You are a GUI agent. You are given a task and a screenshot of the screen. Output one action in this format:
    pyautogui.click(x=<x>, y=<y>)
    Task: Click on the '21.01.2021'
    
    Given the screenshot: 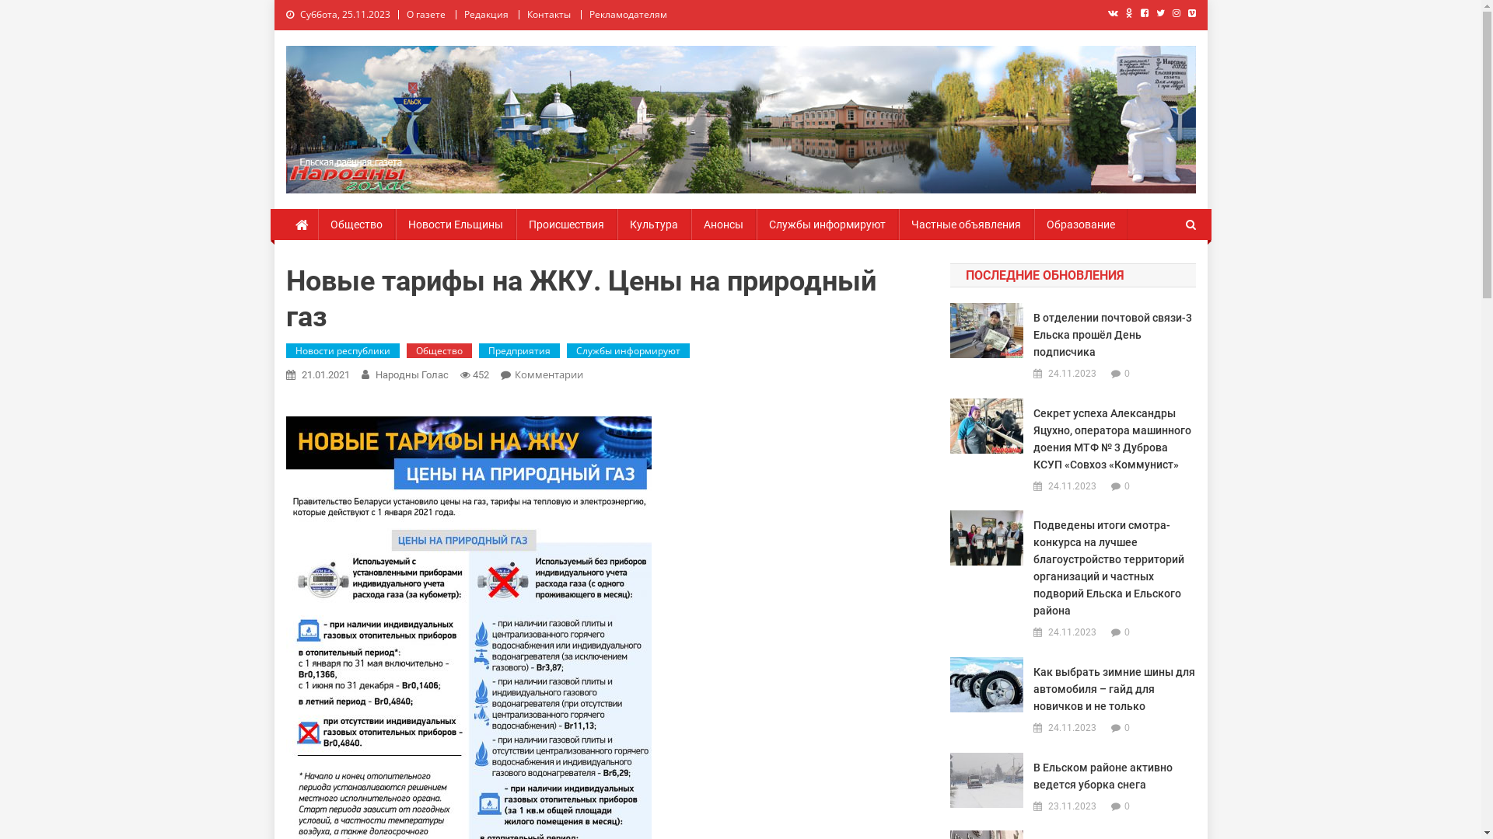 What is the action you would take?
    pyautogui.click(x=324, y=374)
    